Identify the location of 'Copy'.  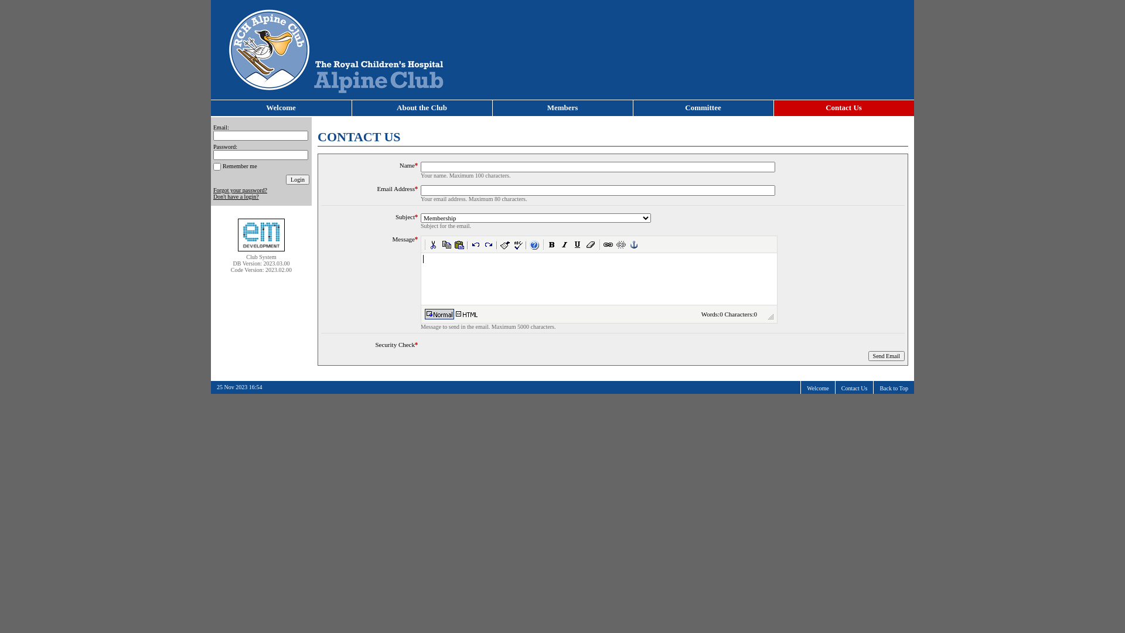
(446, 244).